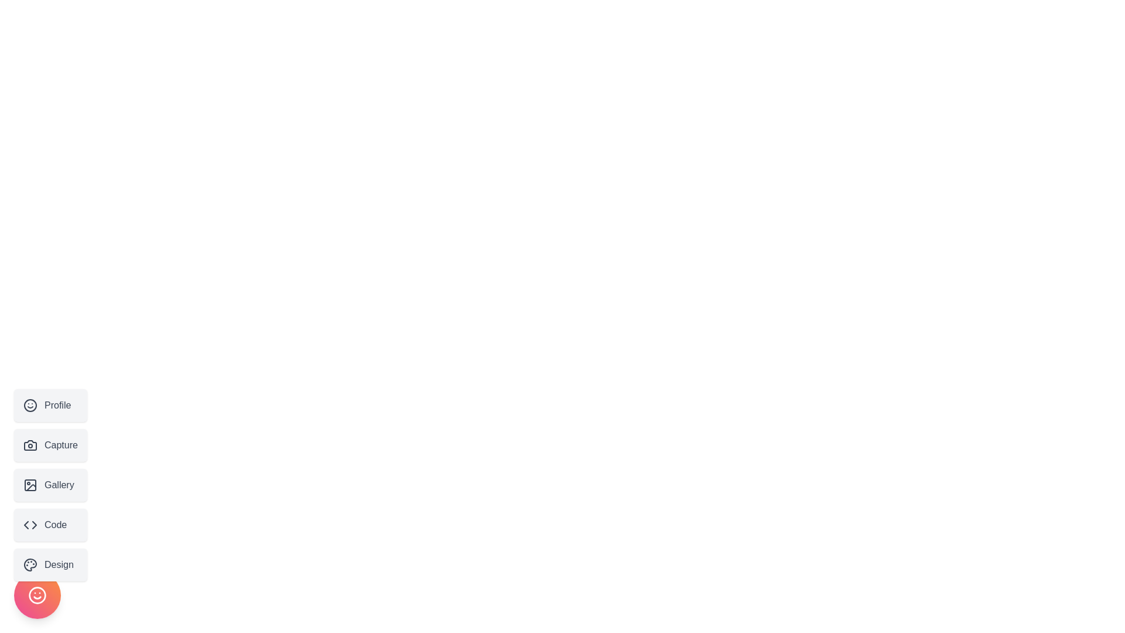  Describe the element at coordinates (59, 485) in the screenshot. I see `label text element 'Gallery' in the vertical navigation menu, which is the third item from the top and aligned with an icon` at that location.